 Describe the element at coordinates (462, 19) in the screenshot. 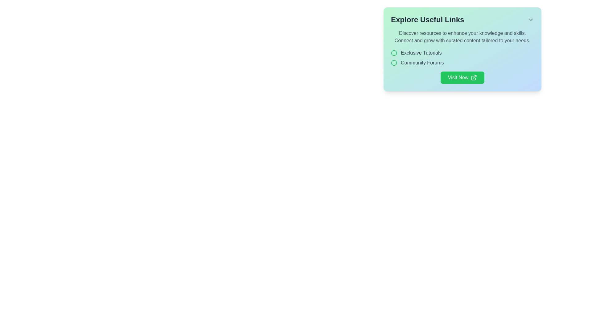

I see `the Dropdown title header located at the top of the card section` at that location.